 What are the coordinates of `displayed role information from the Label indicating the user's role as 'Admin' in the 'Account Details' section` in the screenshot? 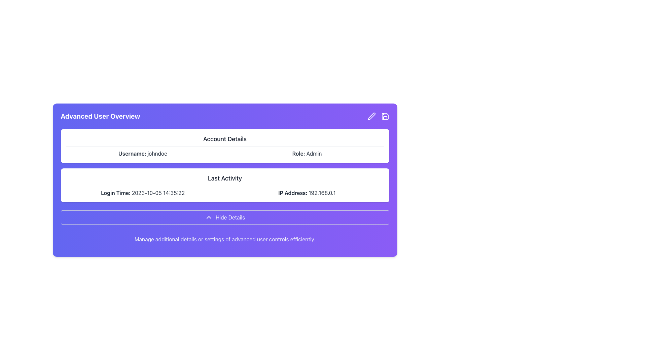 It's located at (307, 153).